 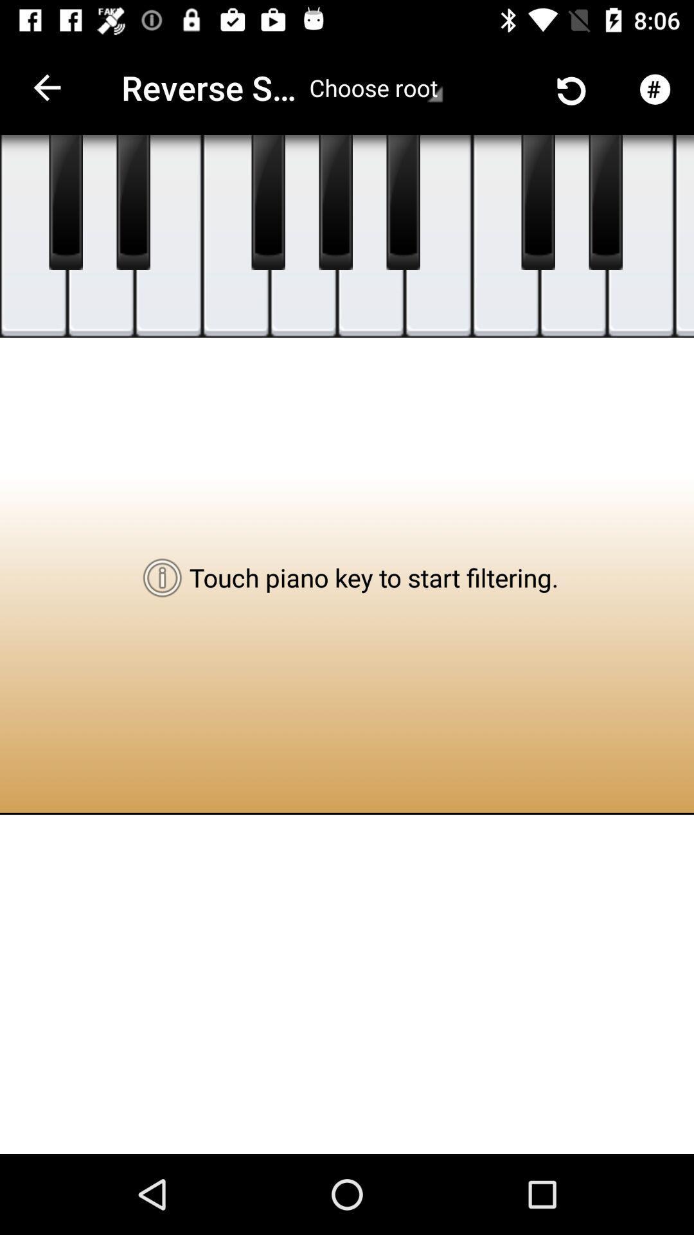 I want to click on the music, so click(x=371, y=236).